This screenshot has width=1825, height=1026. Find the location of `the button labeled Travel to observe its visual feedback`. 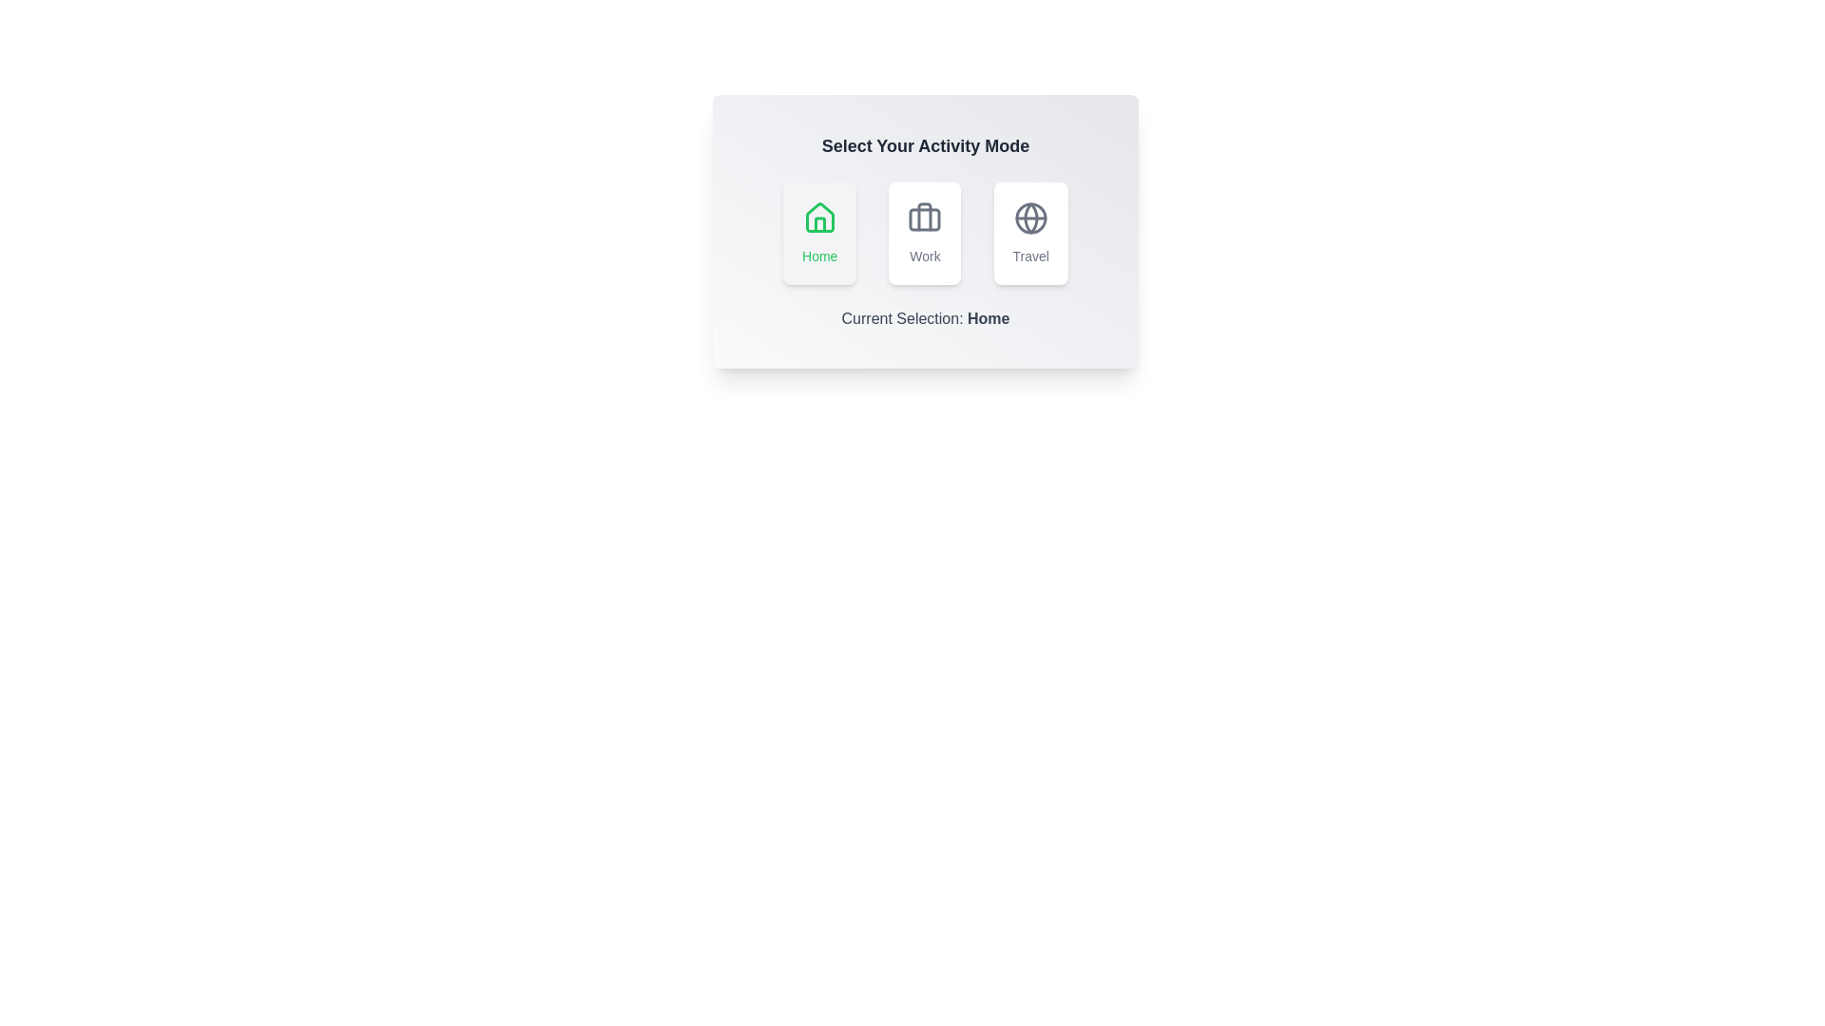

the button labeled Travel to observe its visual feedback is located at coordinates (1029, 233).